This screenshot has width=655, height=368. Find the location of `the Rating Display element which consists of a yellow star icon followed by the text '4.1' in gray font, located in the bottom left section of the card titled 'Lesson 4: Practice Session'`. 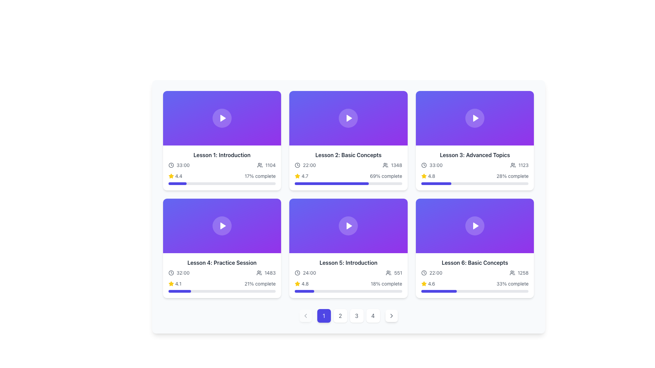

the Rating Display element which consists of a yellow star icon followed by the text '4.1' in gray font, located in the bottom left section of the card titled 'Lesson 4: Practice Session' is located at coordinates (175, 284).